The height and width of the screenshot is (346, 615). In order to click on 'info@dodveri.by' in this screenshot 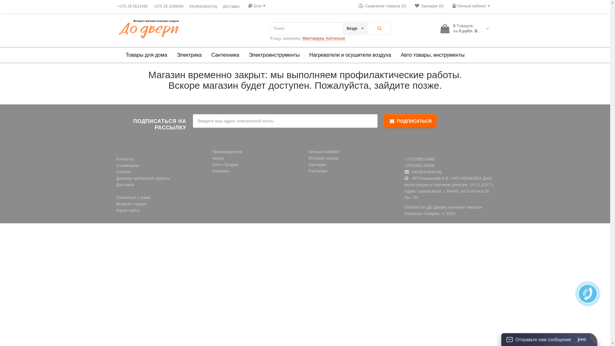, I will do `click(187, 6)`.